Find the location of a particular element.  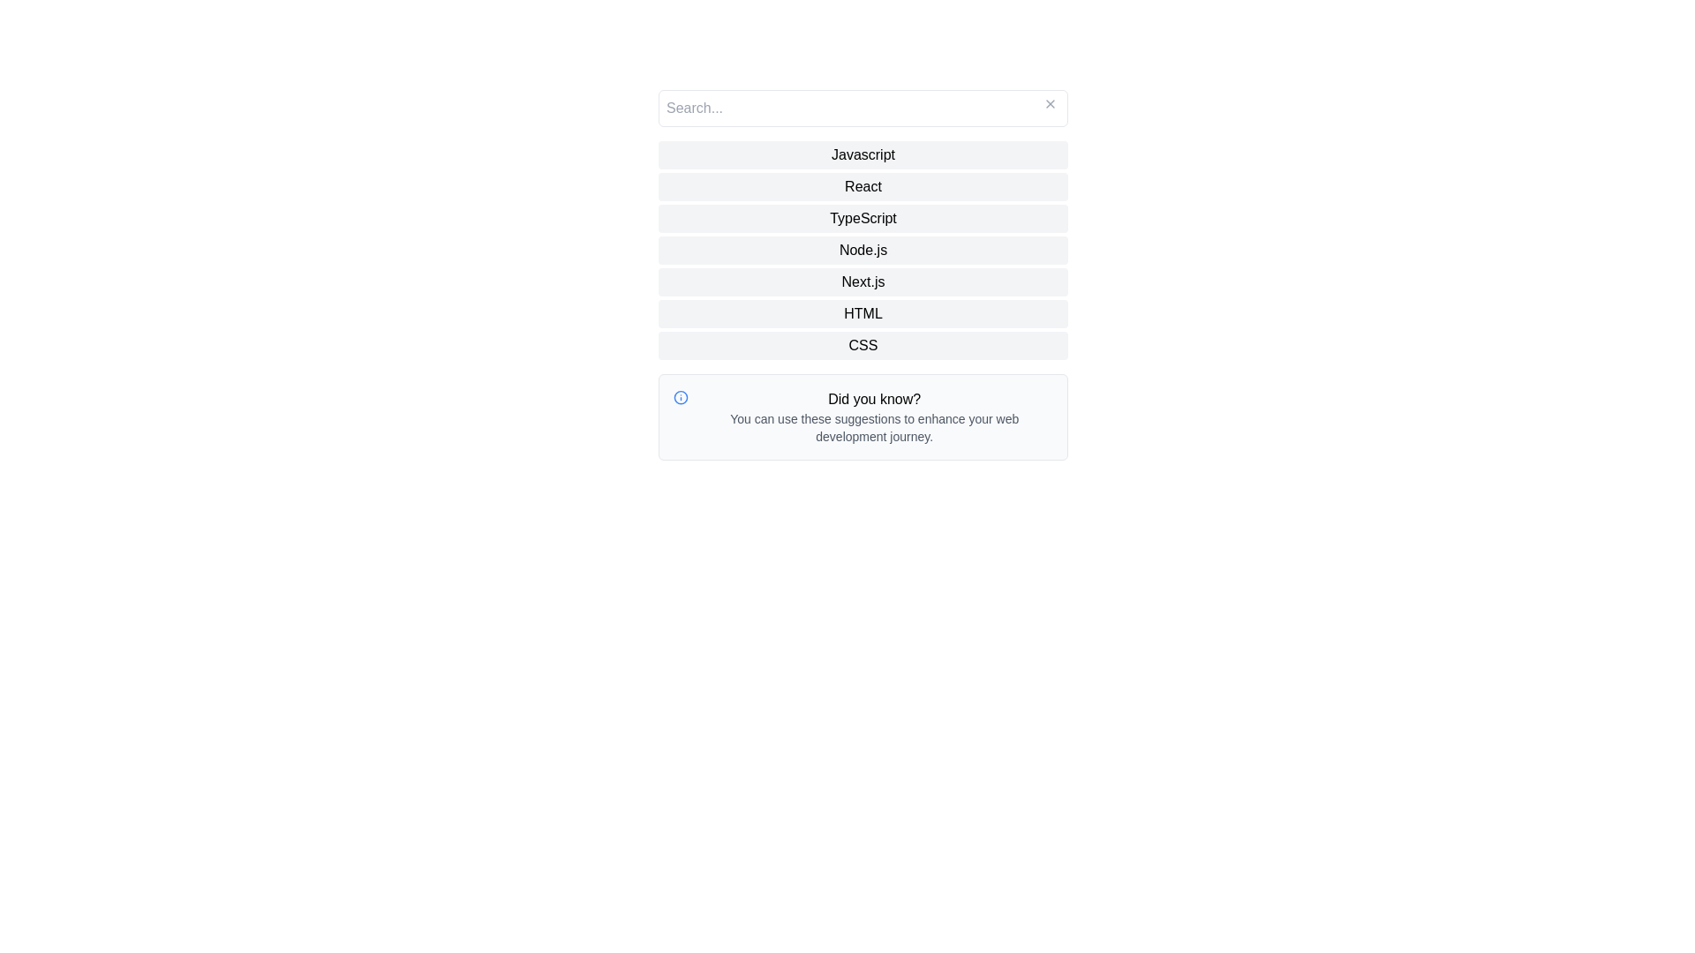

the selectable option in the list that represents 'Node.js' is located at coordinates (863, 251).